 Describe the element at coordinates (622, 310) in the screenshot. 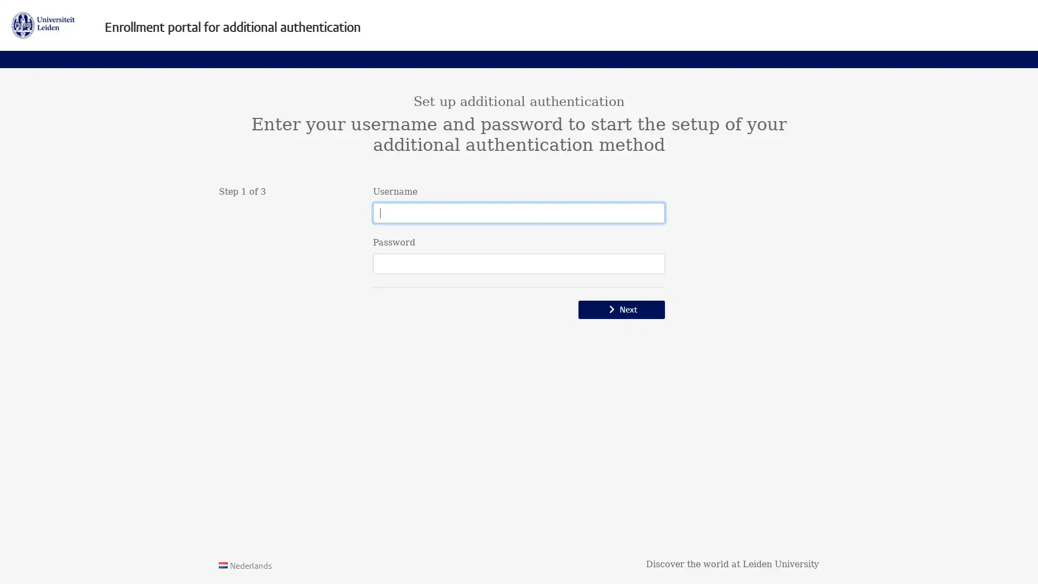

I see `Next` at that location.